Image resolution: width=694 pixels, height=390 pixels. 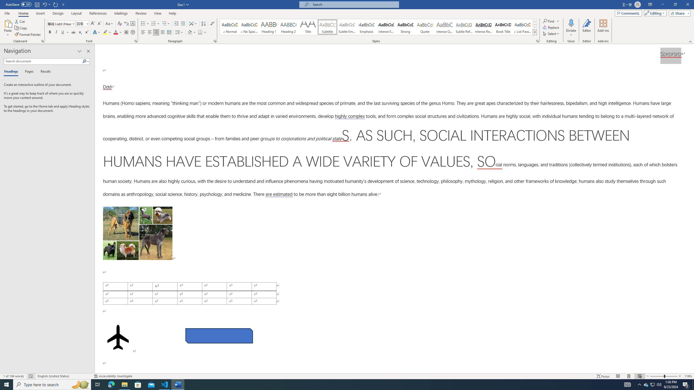 What do you see at coordinates (176, 24) in the screenshot?
I see `'Decrease Indent'` at bounding box center [176, 24].